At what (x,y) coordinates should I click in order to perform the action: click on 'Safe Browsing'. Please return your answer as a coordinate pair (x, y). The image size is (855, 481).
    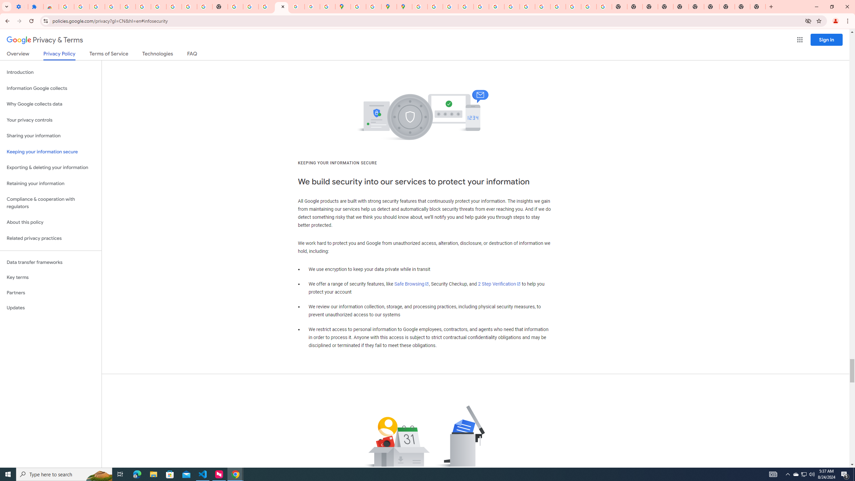
    Looking at the image, I should click on (411, 284).